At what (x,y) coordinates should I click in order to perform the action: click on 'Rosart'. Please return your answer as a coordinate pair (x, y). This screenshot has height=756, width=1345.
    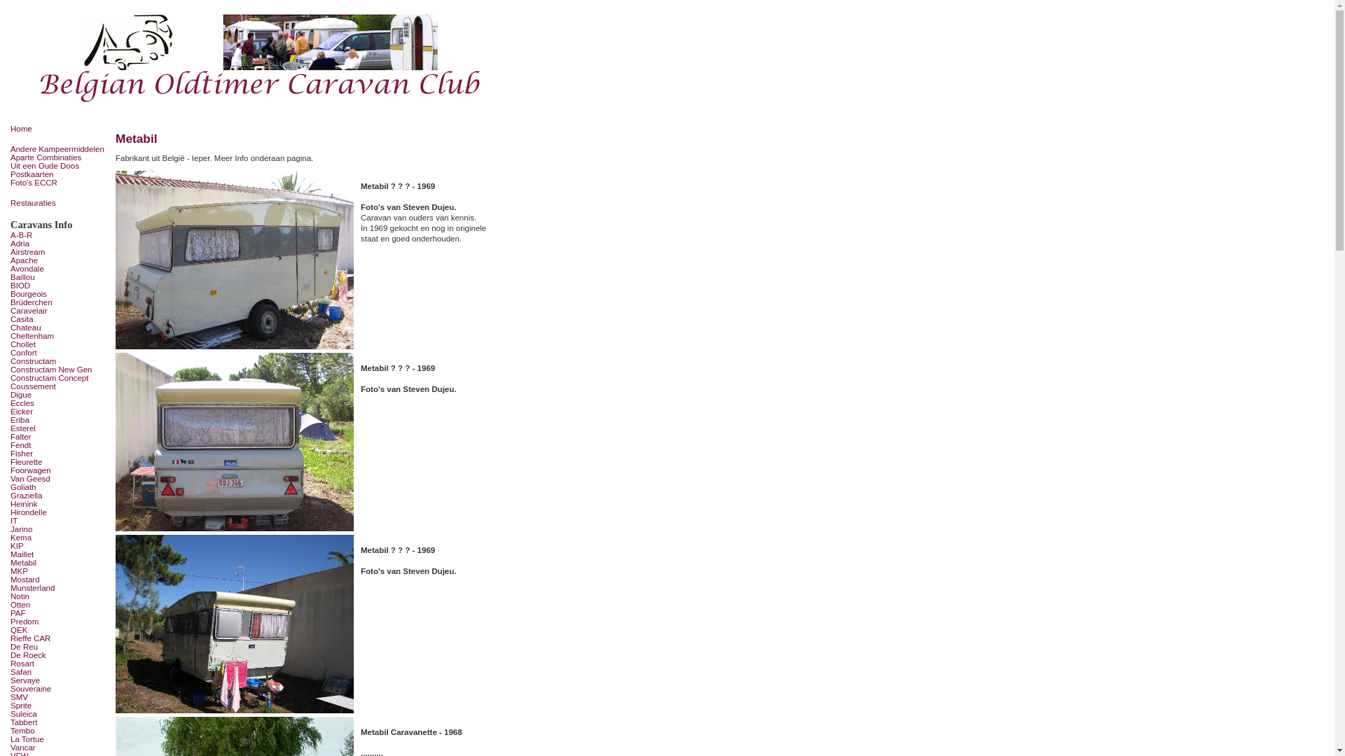
    Looking at the image, I should click on (10, 663).